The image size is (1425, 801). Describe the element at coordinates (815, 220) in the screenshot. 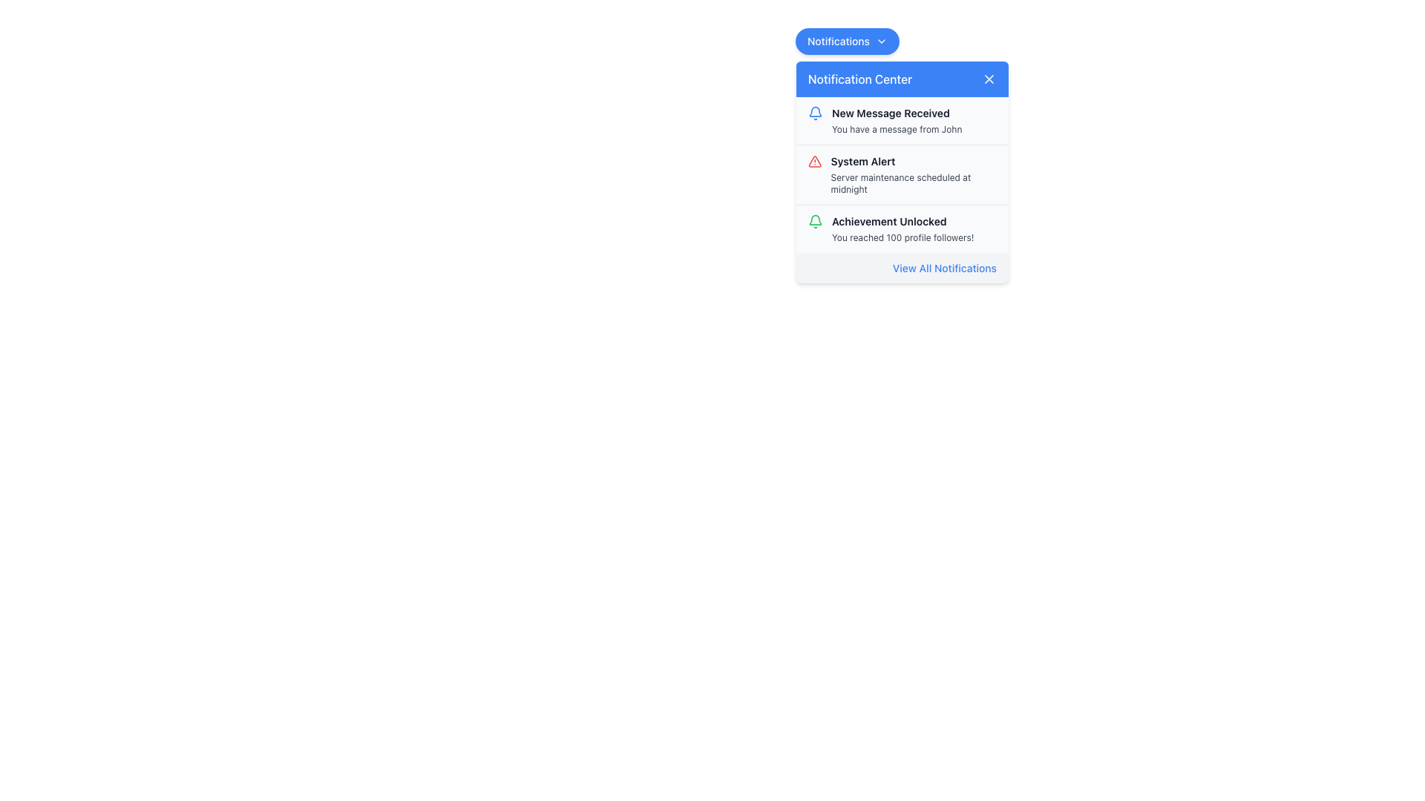

I see `the green stroke notification bell icon located at the top-right corner of the interface, above the 'New Message Received' notification` at that location.